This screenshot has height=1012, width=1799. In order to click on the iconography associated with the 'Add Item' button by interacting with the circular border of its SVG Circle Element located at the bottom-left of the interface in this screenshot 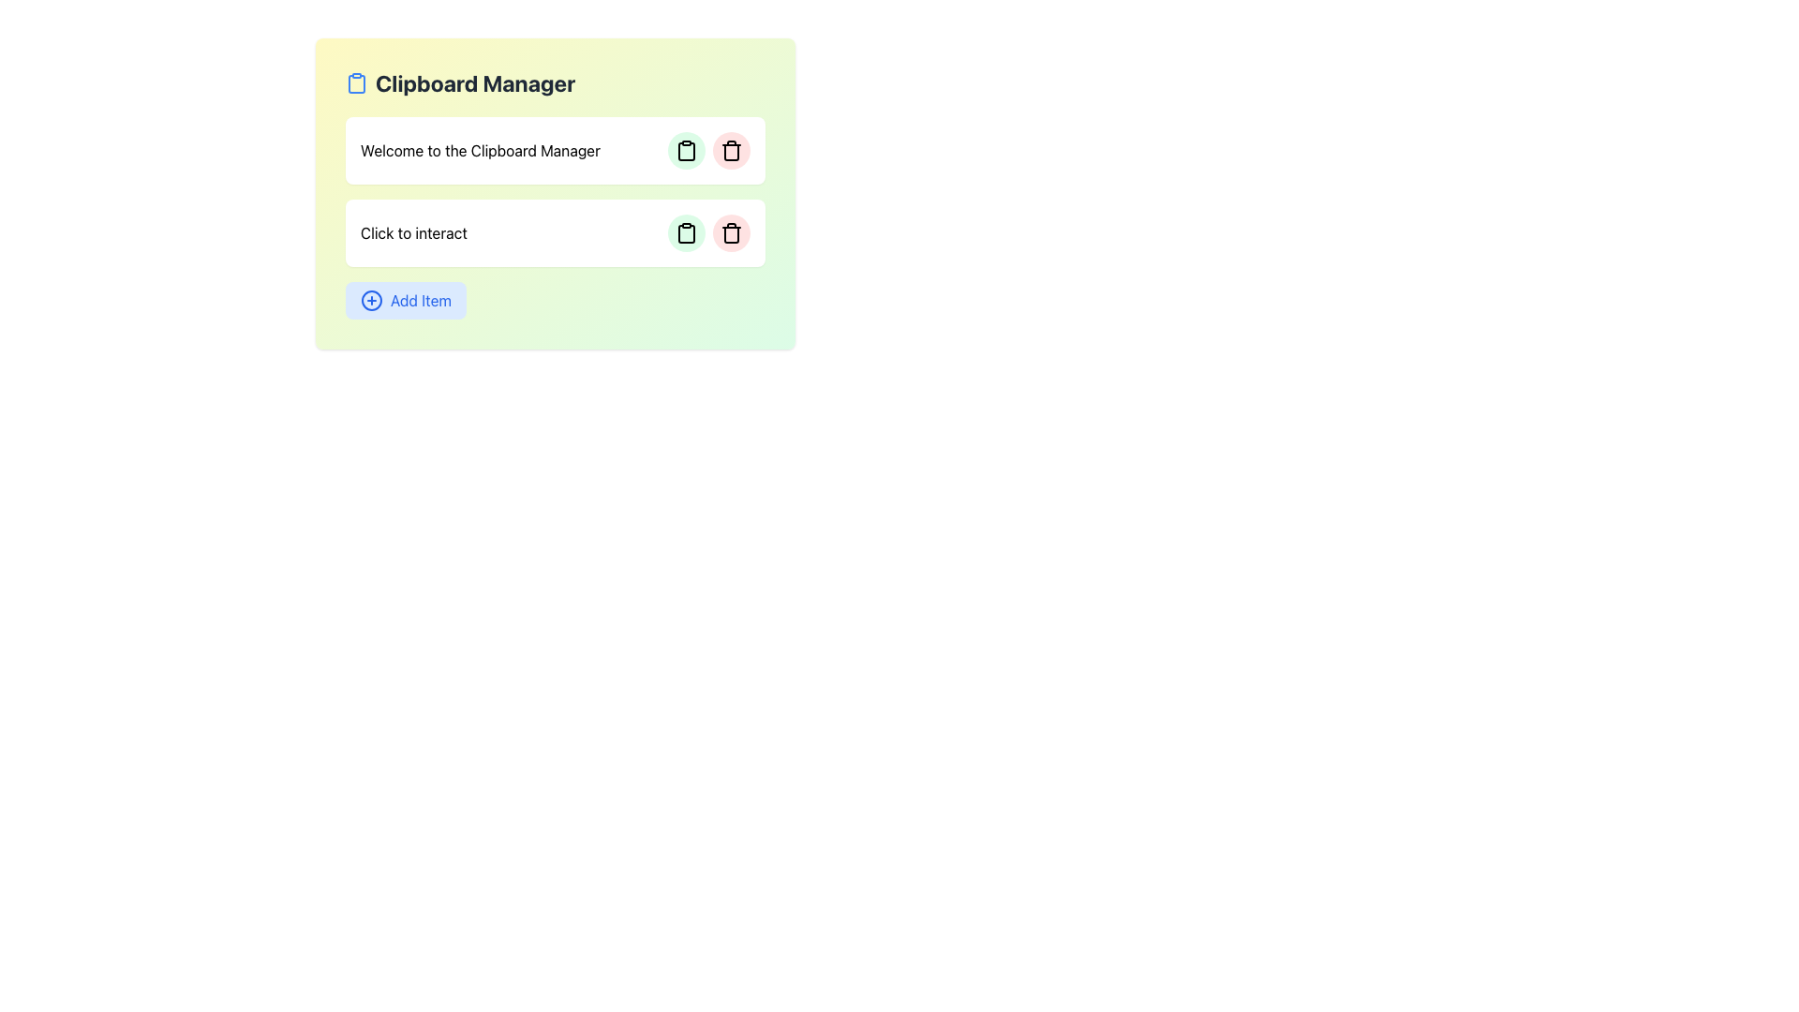, I will do `click(372, 299)`.